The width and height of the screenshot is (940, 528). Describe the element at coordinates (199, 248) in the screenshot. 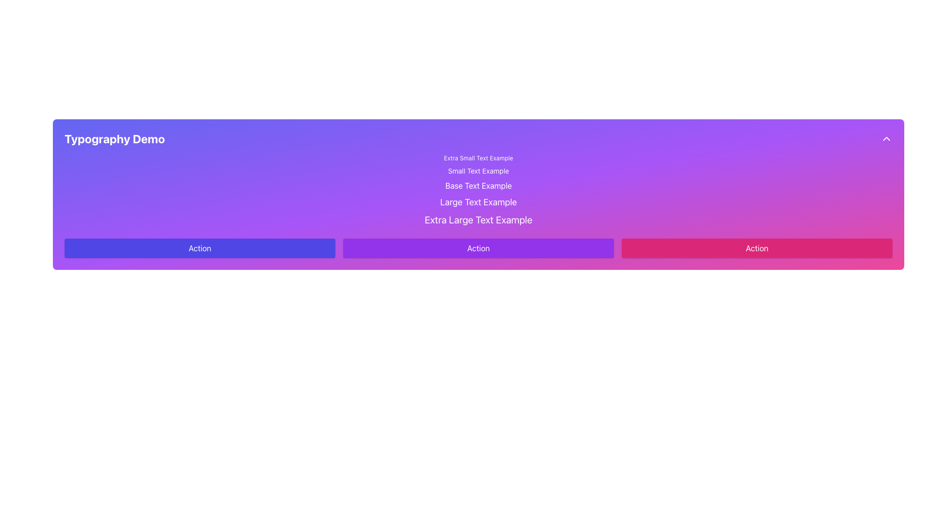

I see `the leftmost button labeled 'Action' with a deep indigo background` at that location.